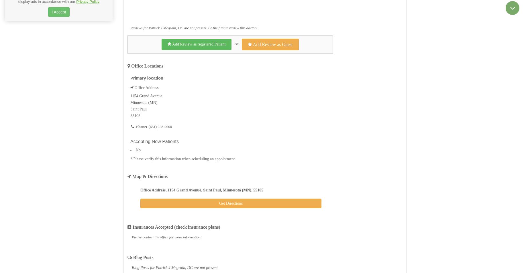 This screenshot has width=530, height=273. Describe the element at coordinates (154, 141) in the screenshot. I see `'Accepting New Patients'` at that location.